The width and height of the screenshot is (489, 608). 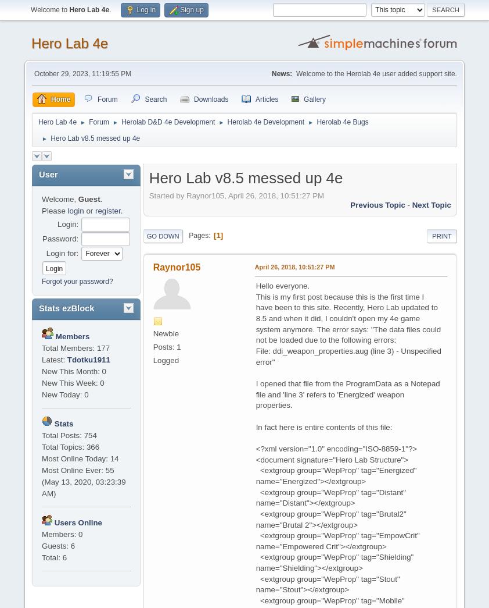 What do you see at coordinates (168, 122) in the screenshot?
I see `'Herolab D&D 4e Development'` at bounding box center [168, 122].